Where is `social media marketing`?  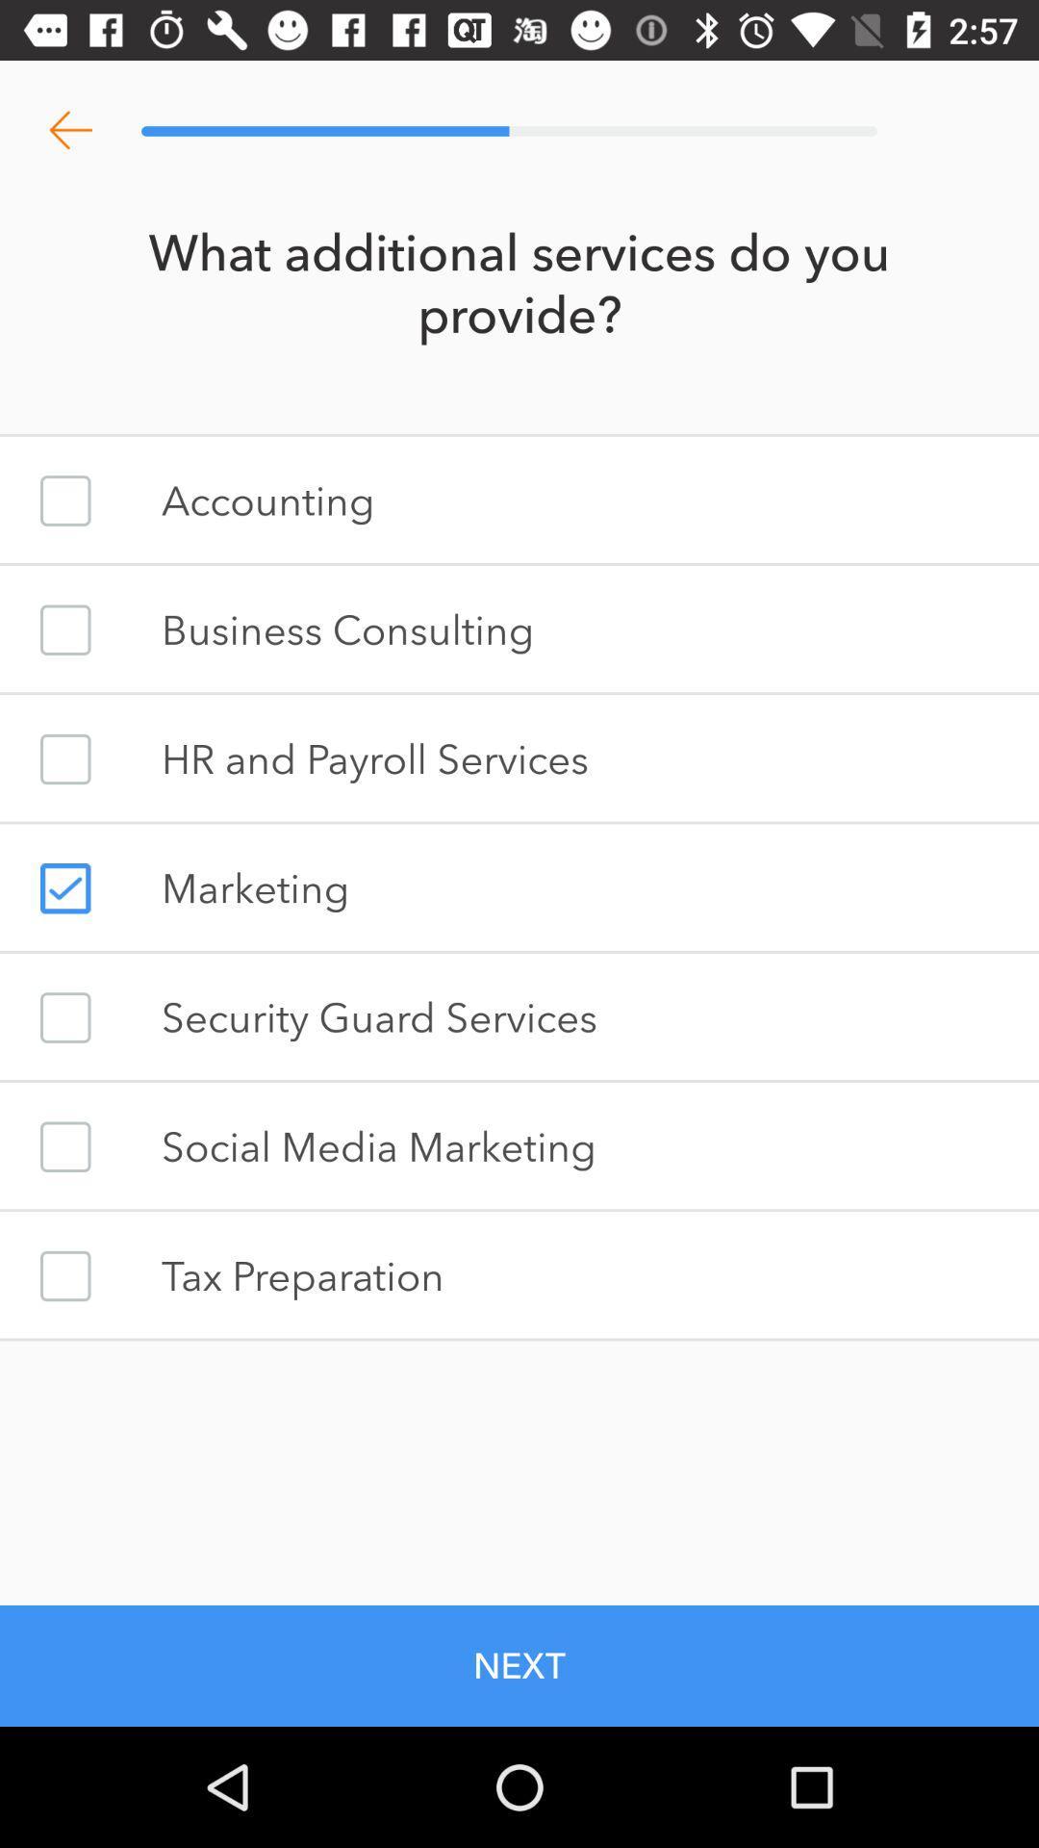 social media marketing is located at coordinates (64, 1146).